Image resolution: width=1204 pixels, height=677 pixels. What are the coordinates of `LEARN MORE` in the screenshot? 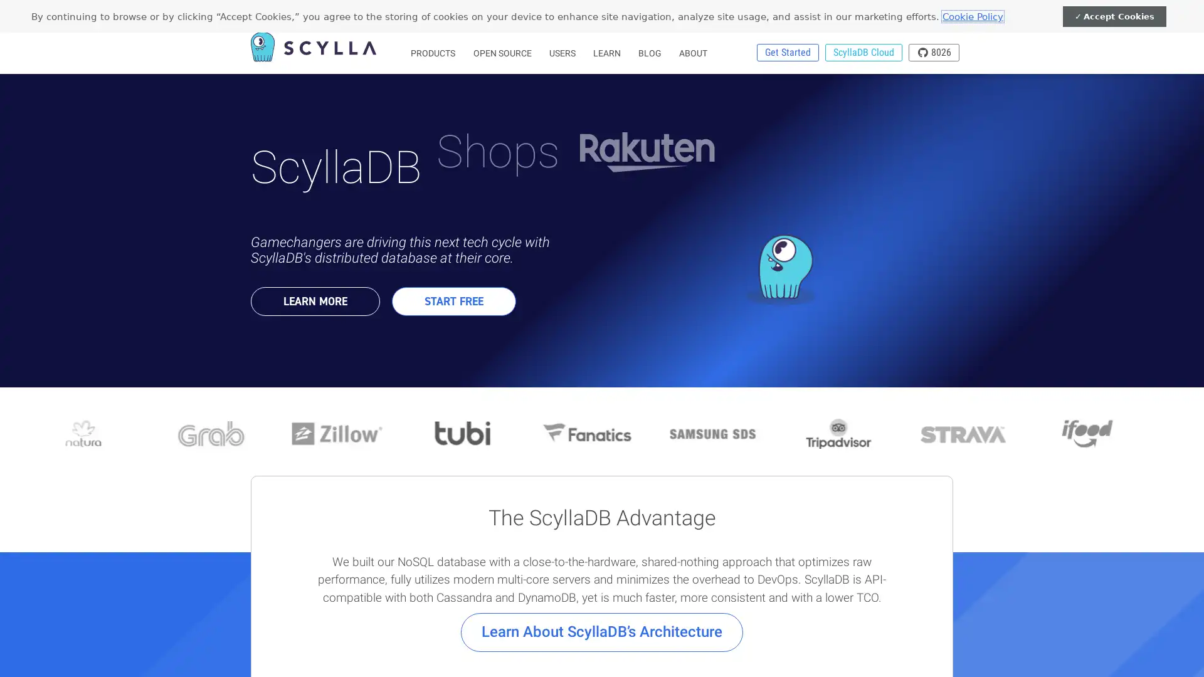 It's located at (315, 301).